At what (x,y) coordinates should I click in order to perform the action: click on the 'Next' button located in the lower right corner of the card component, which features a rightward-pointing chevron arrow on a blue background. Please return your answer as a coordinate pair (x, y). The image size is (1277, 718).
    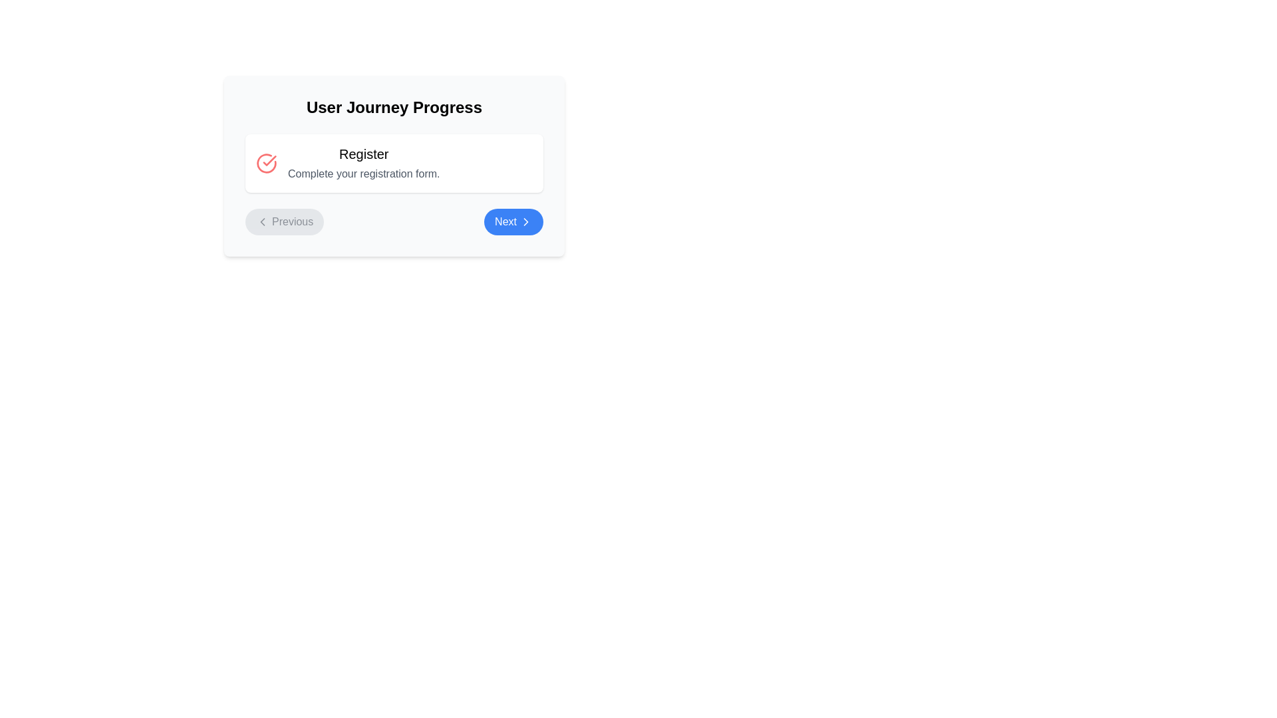
    Looking at the image, I should click on (525, 221).